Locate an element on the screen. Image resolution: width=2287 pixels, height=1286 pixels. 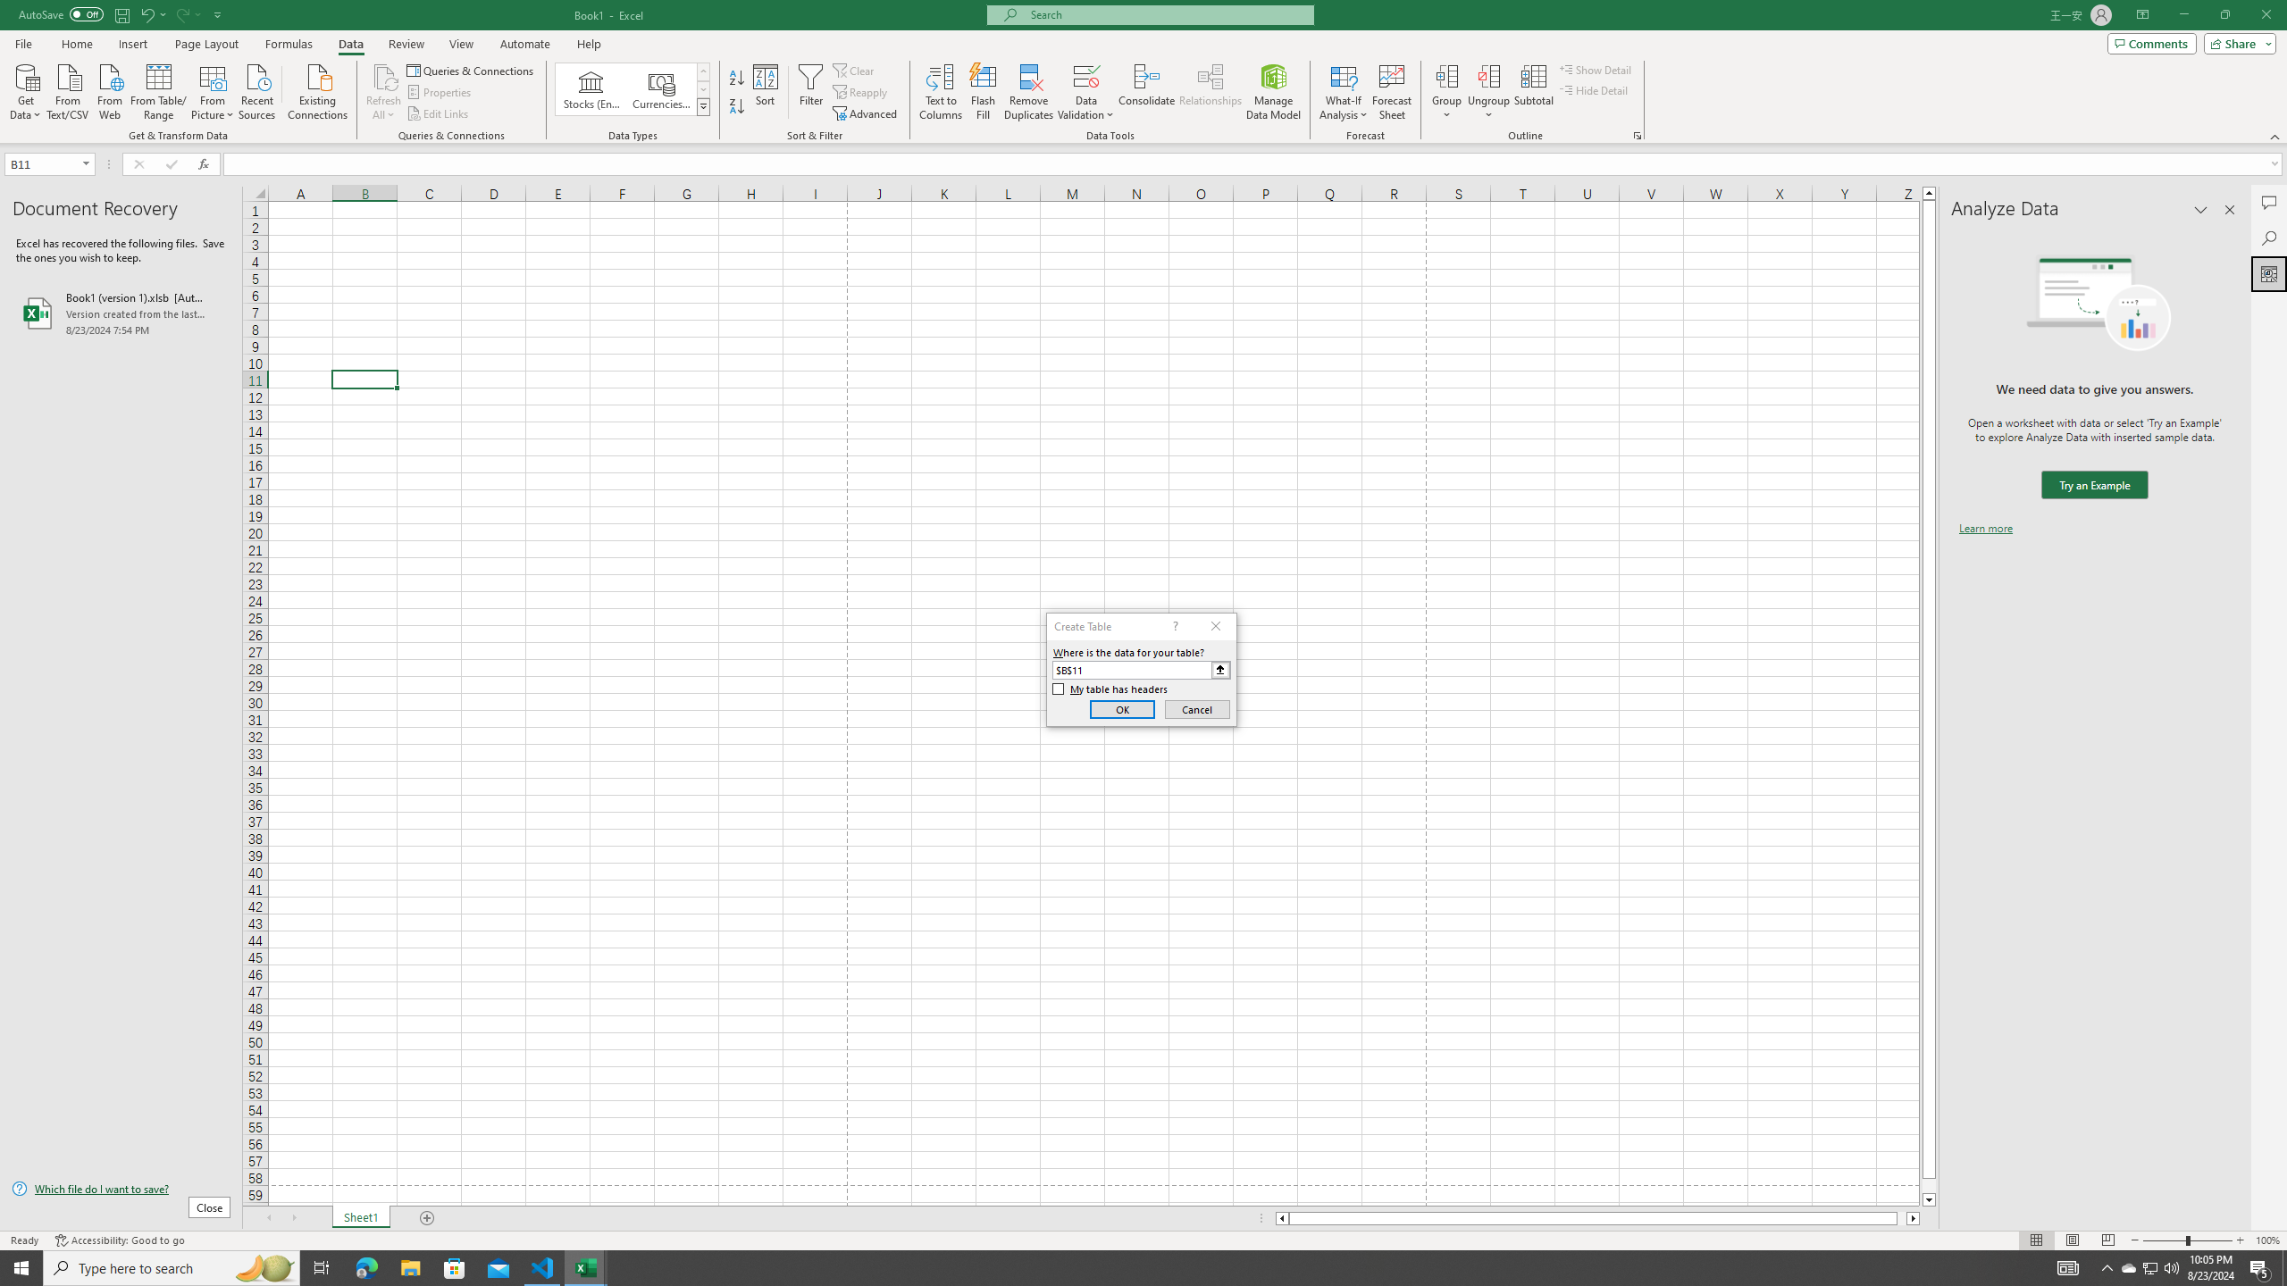
'Data Types' is located at coordinates (703, 105).